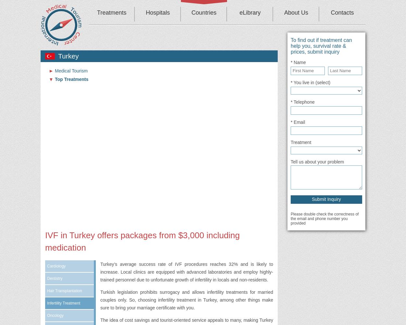 The height and width of the screenshot is (325, 406). Describe the element at coordinates (239, 13) in the screenshot. I see `'eLibrary'` at that location.